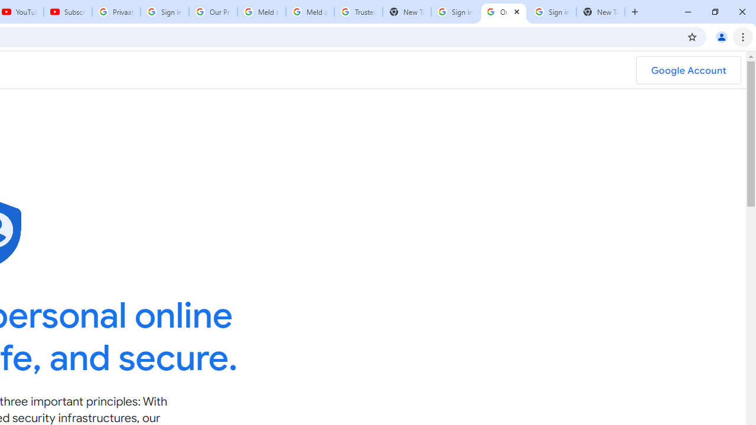  What do you see at coordinates (552, 12) in the screenshot?
I see `'Sign in - Google Accounts'` at bounding box center [552, 12].